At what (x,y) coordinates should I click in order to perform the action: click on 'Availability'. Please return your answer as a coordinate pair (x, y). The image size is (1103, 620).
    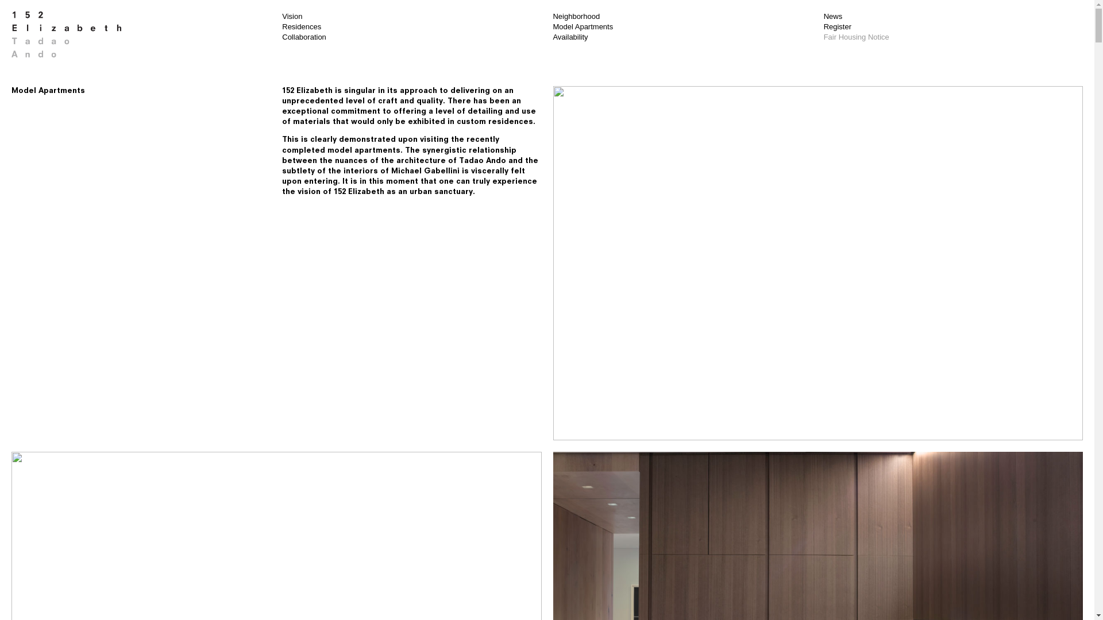
    Looking at the image, I should click on (552, 36).